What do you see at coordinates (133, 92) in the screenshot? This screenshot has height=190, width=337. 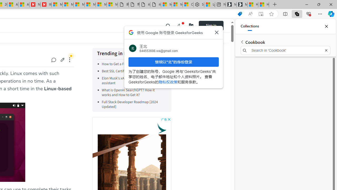 I see `'What is OpenAI SearchGPT? How it works and How to Get it?'` at bounding box center [133, 92].